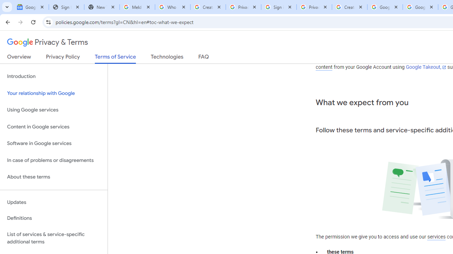  What do you see at coordinates (53, 93) in the screenshot?
I see `'Your relationship with Google'` at bounding box center [53, 93].